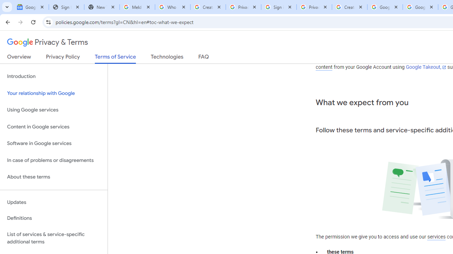  What do you see at coordinates (53, 93) in the screenshot?
I see `'Your relationship with Google'` at bounding box center [53, 93].